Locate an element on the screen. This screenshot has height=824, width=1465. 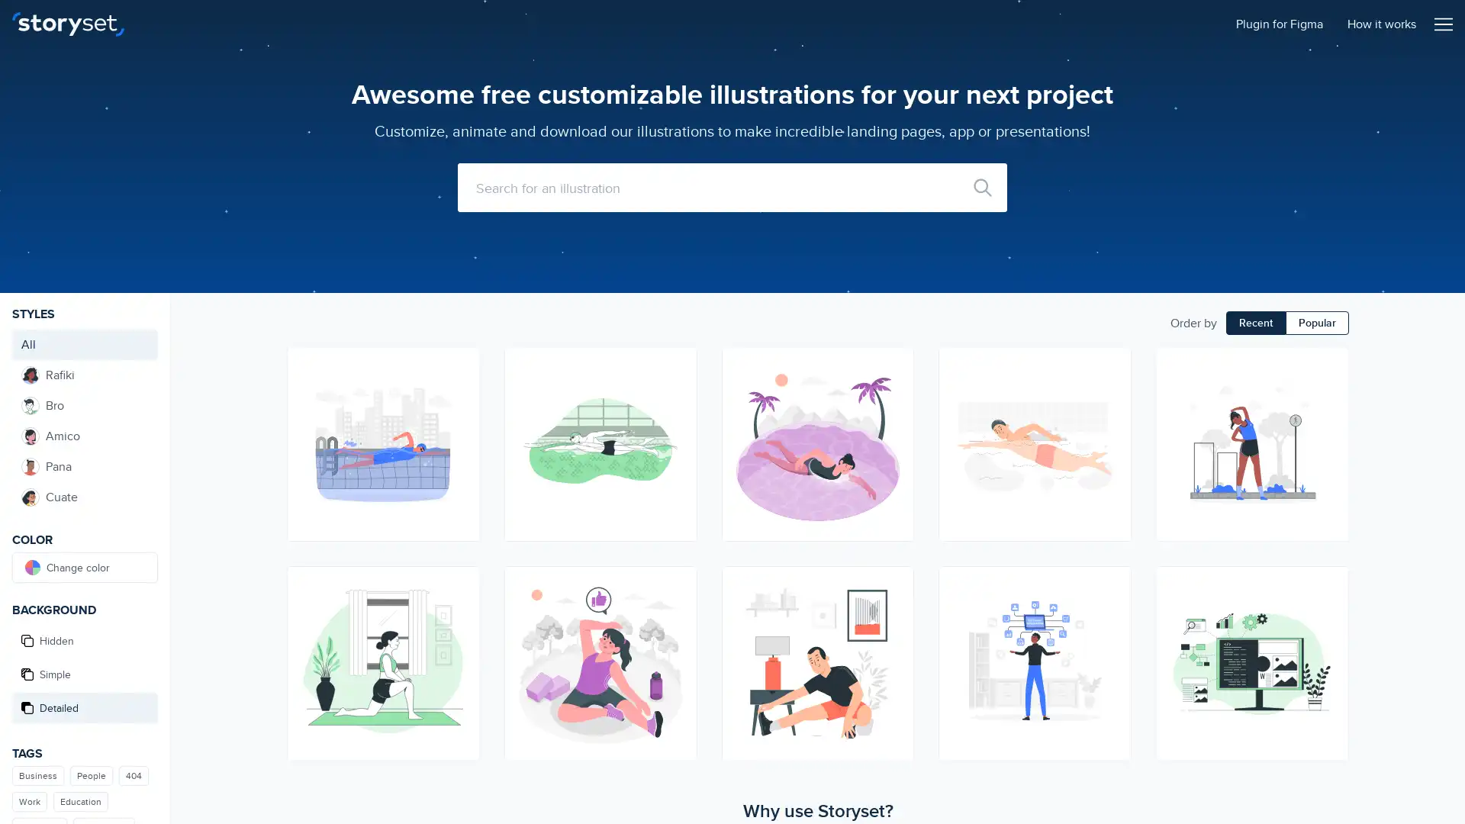
Pinterest icon Save is located at coordinates (894, 420).